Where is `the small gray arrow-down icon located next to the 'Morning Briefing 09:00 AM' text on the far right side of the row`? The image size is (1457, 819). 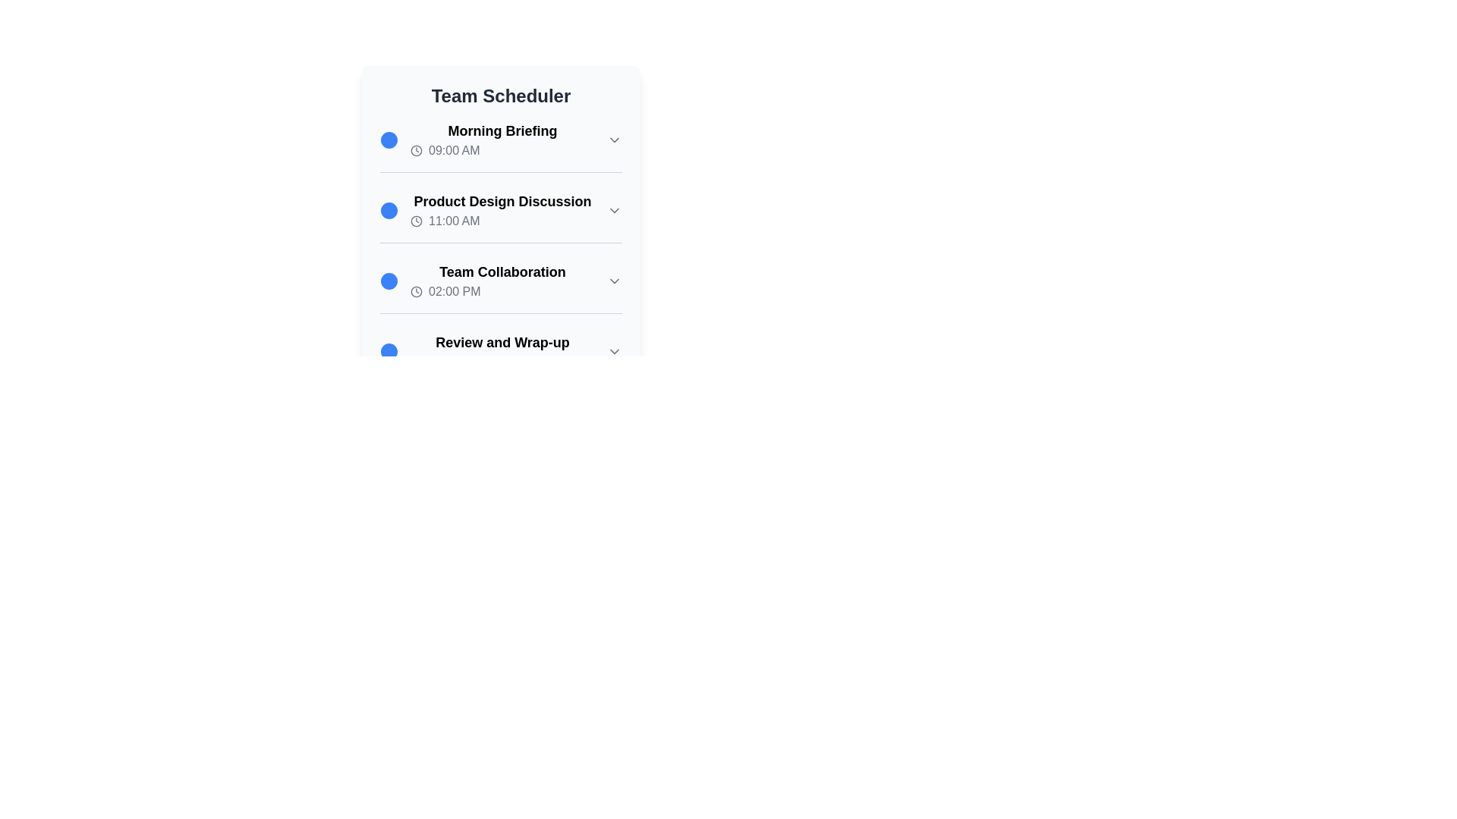 the small gray arrow-down icon located next to the 'Morning Briefing 09:00 AM' text on the far right side of the row is located at coordinates (615, 140).